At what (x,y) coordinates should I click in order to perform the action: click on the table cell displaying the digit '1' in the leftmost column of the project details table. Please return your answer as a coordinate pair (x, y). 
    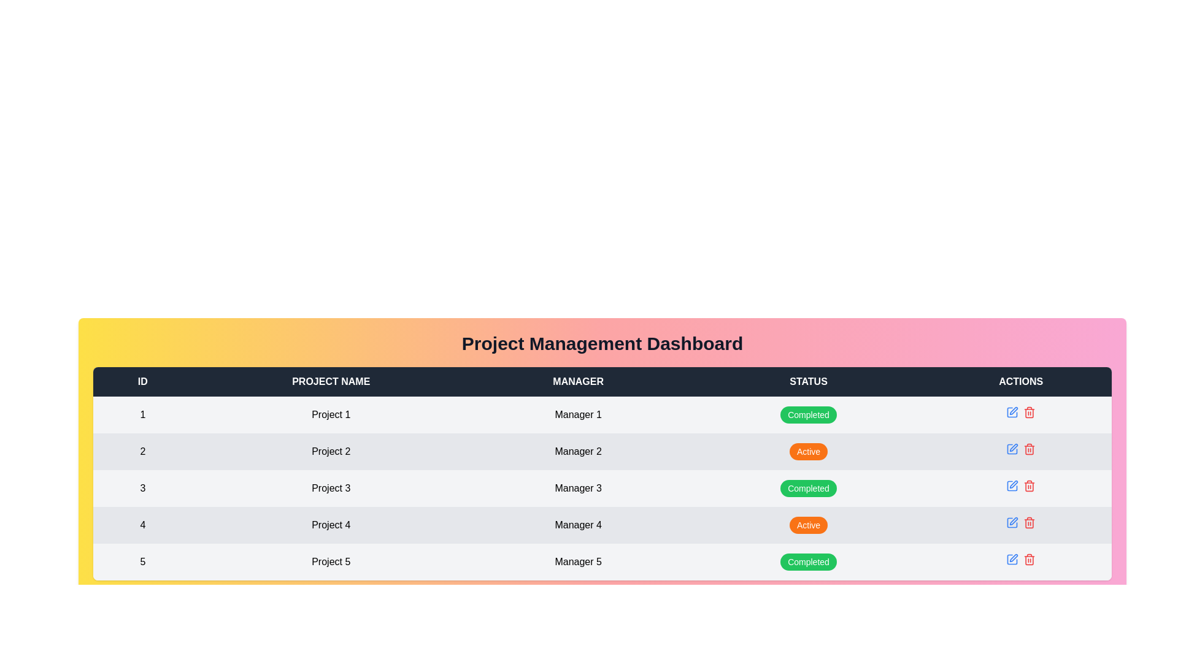
    Looking at the image, I should click on (142, 414).